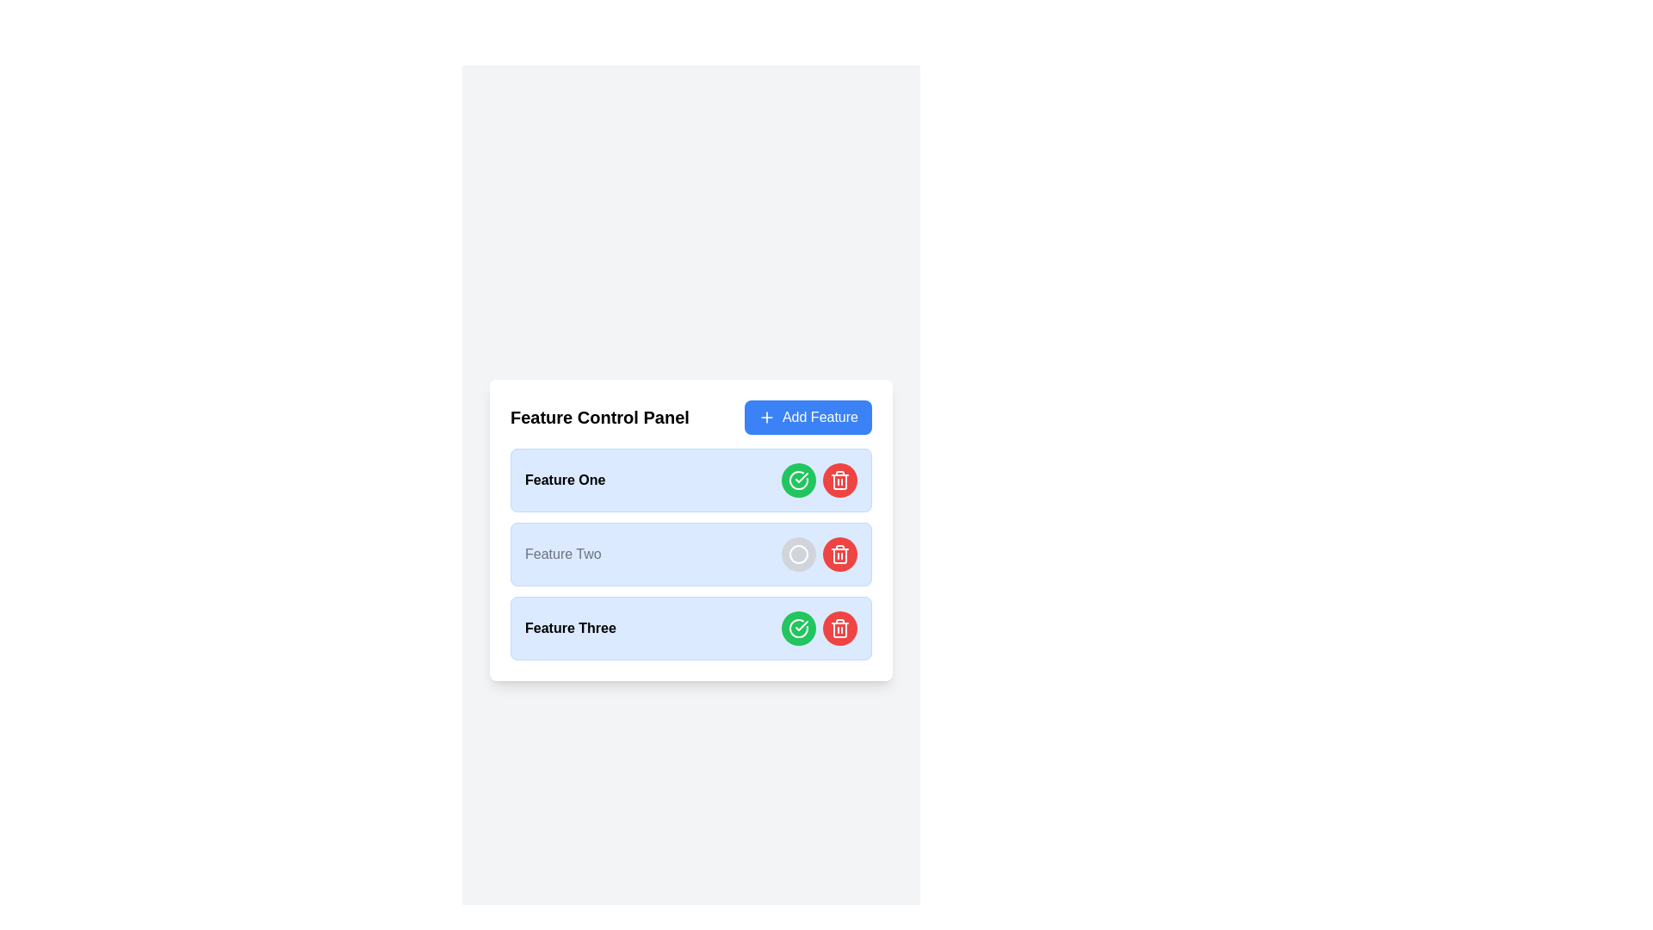 The height and width of the screenshot is (930, 1653). Describe the element at coordinates (839, 481) in the screenshot. I see `the trash can icon button located at the bottom-right corner of the 'Feature Two' entry` at that location.